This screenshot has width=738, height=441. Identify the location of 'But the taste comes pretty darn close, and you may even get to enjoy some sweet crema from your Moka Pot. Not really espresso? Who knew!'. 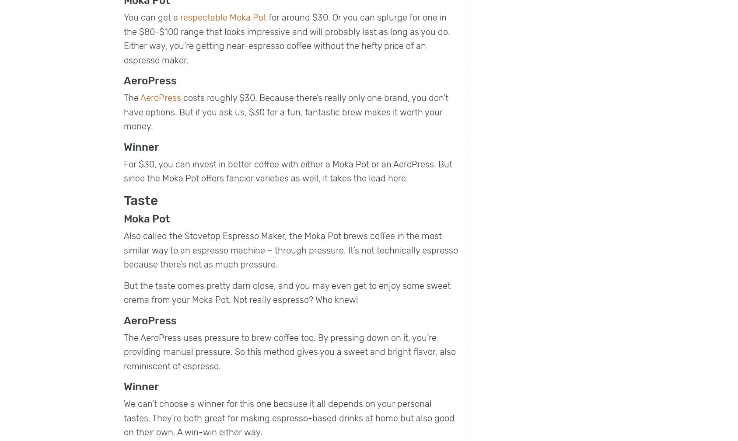
(287, 292).